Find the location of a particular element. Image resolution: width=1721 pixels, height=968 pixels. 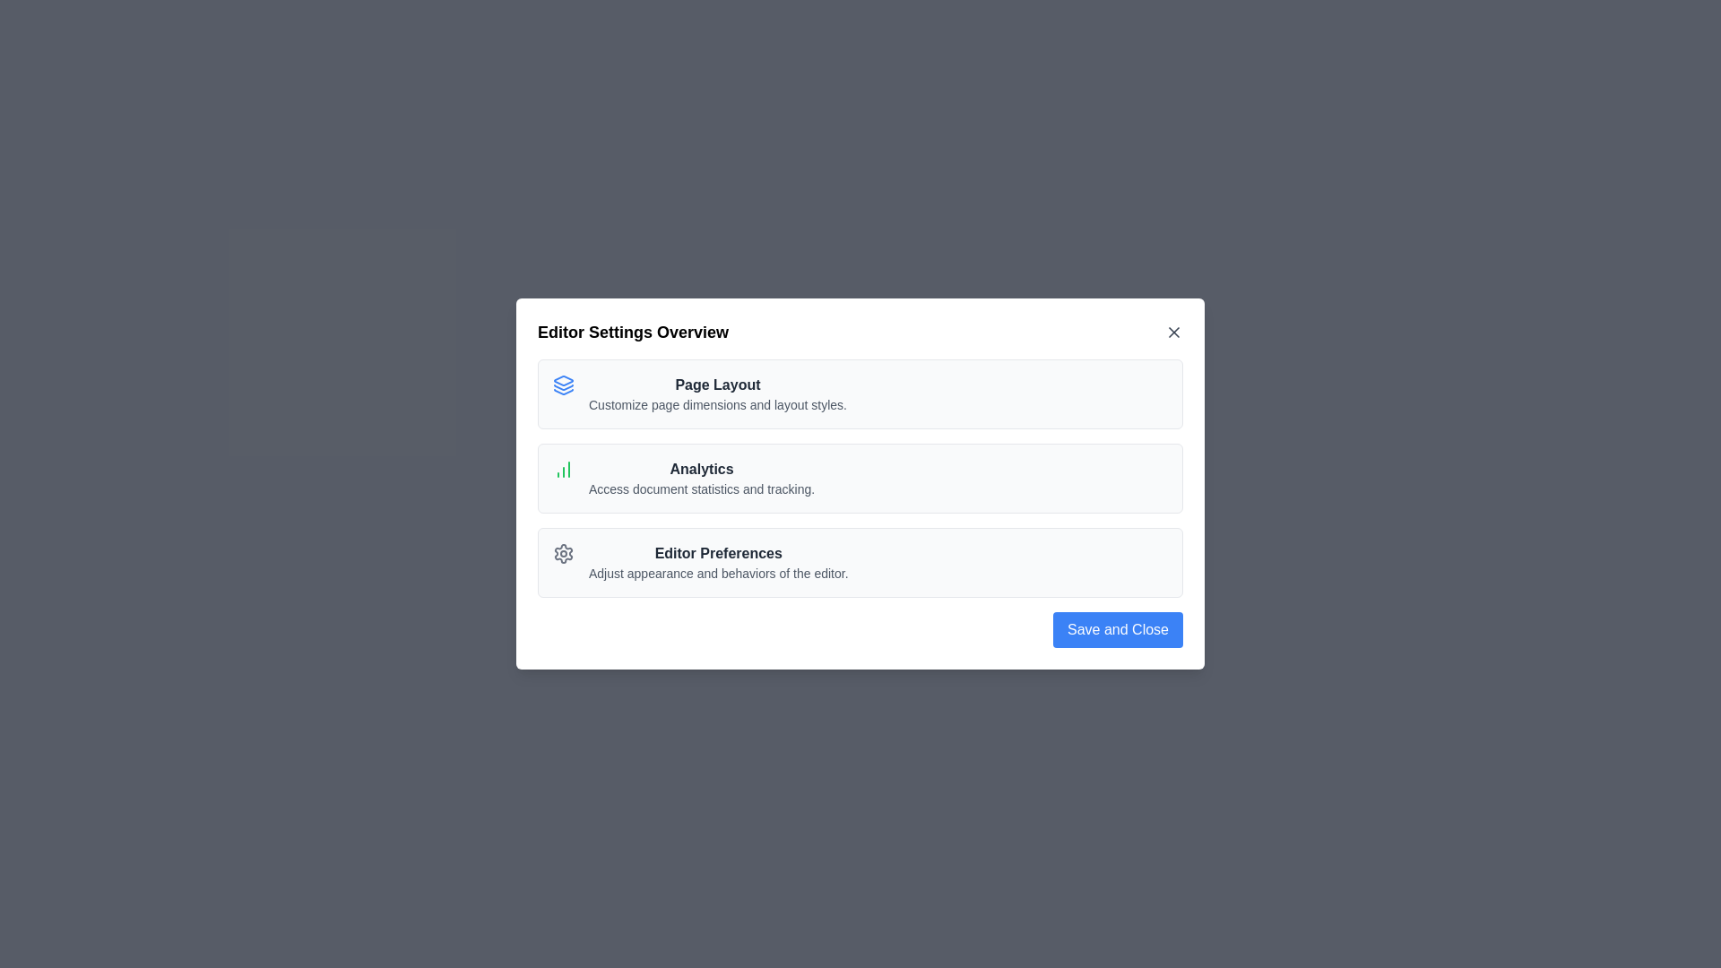

the icon corresponding to Page Layout is located at coordinates (562, 384).